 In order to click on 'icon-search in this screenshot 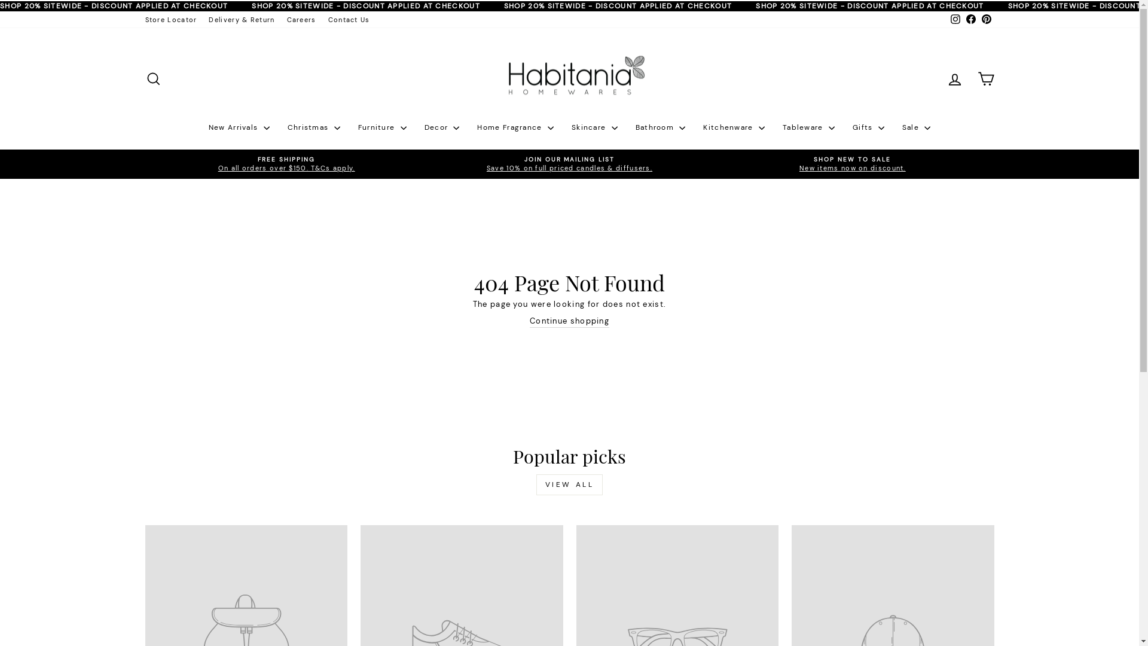, I will do `click(152, 79)`.